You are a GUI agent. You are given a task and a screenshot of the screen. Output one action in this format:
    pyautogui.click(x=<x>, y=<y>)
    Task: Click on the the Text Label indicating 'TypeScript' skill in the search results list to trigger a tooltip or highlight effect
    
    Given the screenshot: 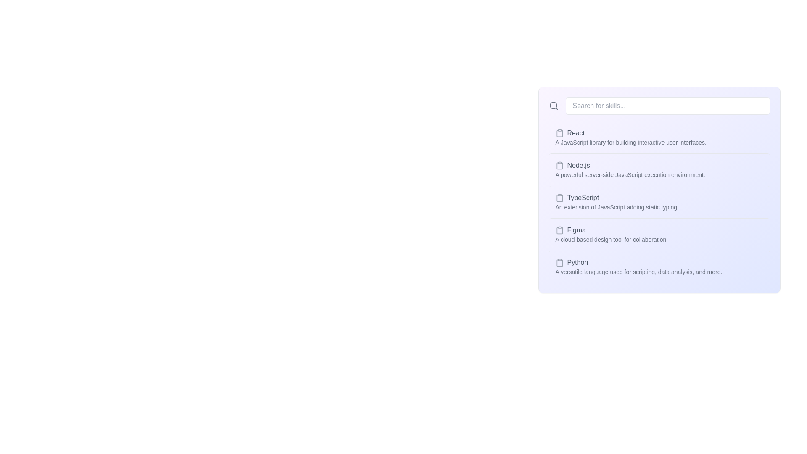 What is the action you would take?
    pyautogui.click(x=583, y=198)
    